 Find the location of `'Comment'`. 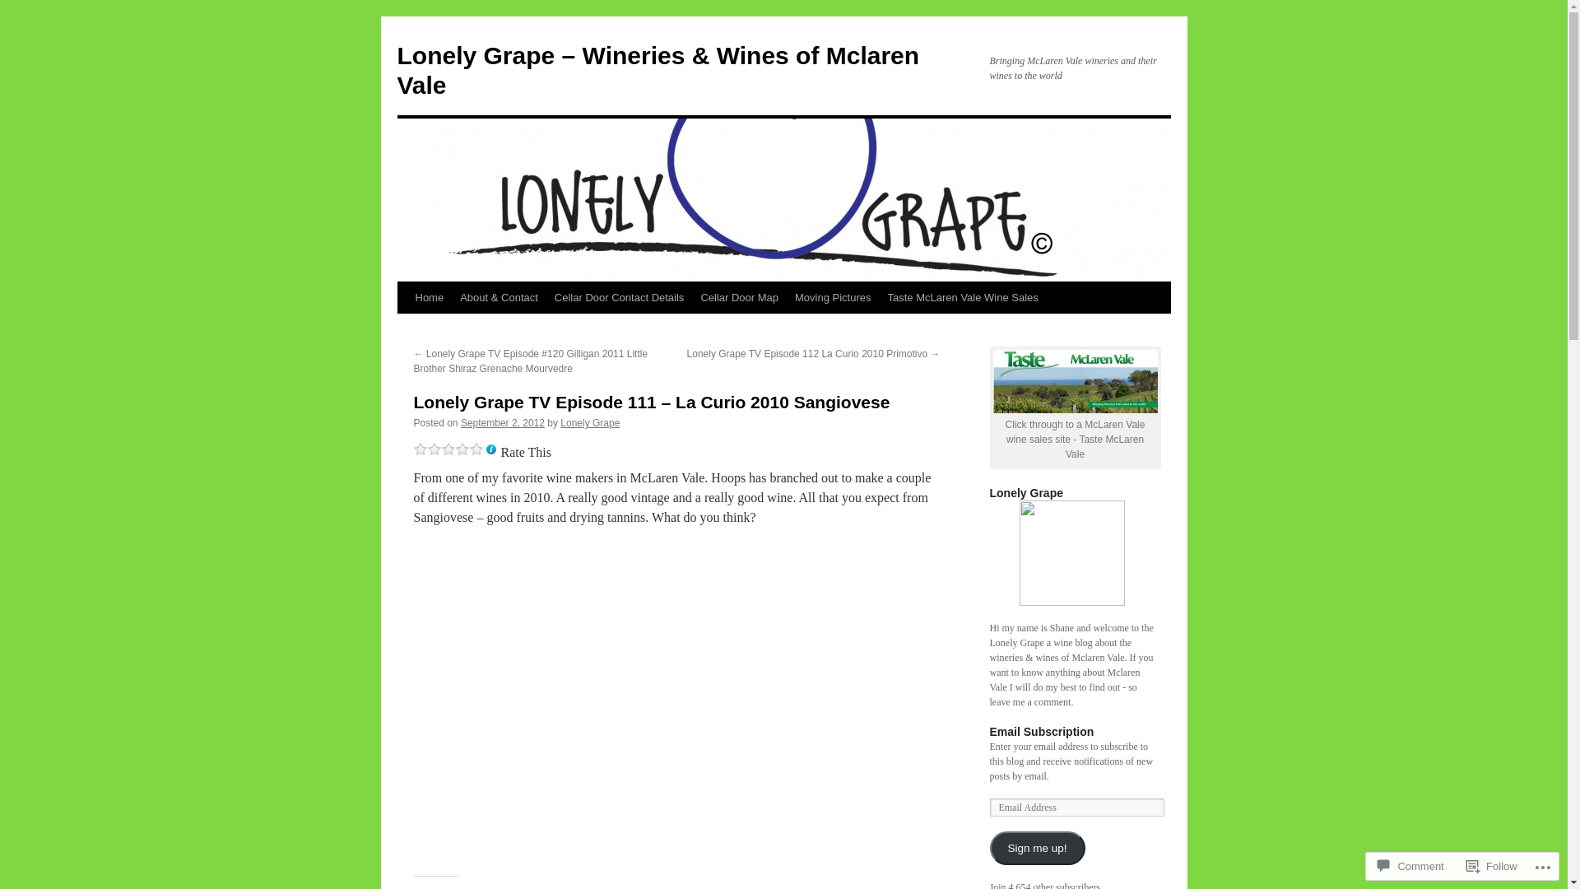

'Comment' is located at coordinates (1409, 865).